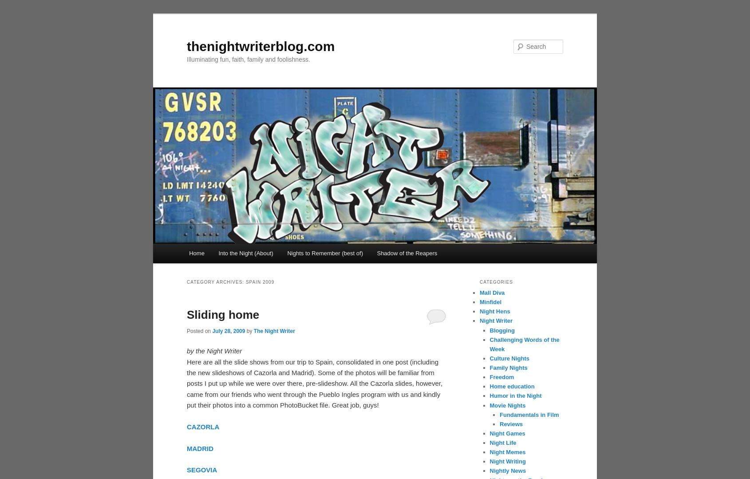 The image size is (750, 479). I want to click on 'Night Writer', so click(496, 320).